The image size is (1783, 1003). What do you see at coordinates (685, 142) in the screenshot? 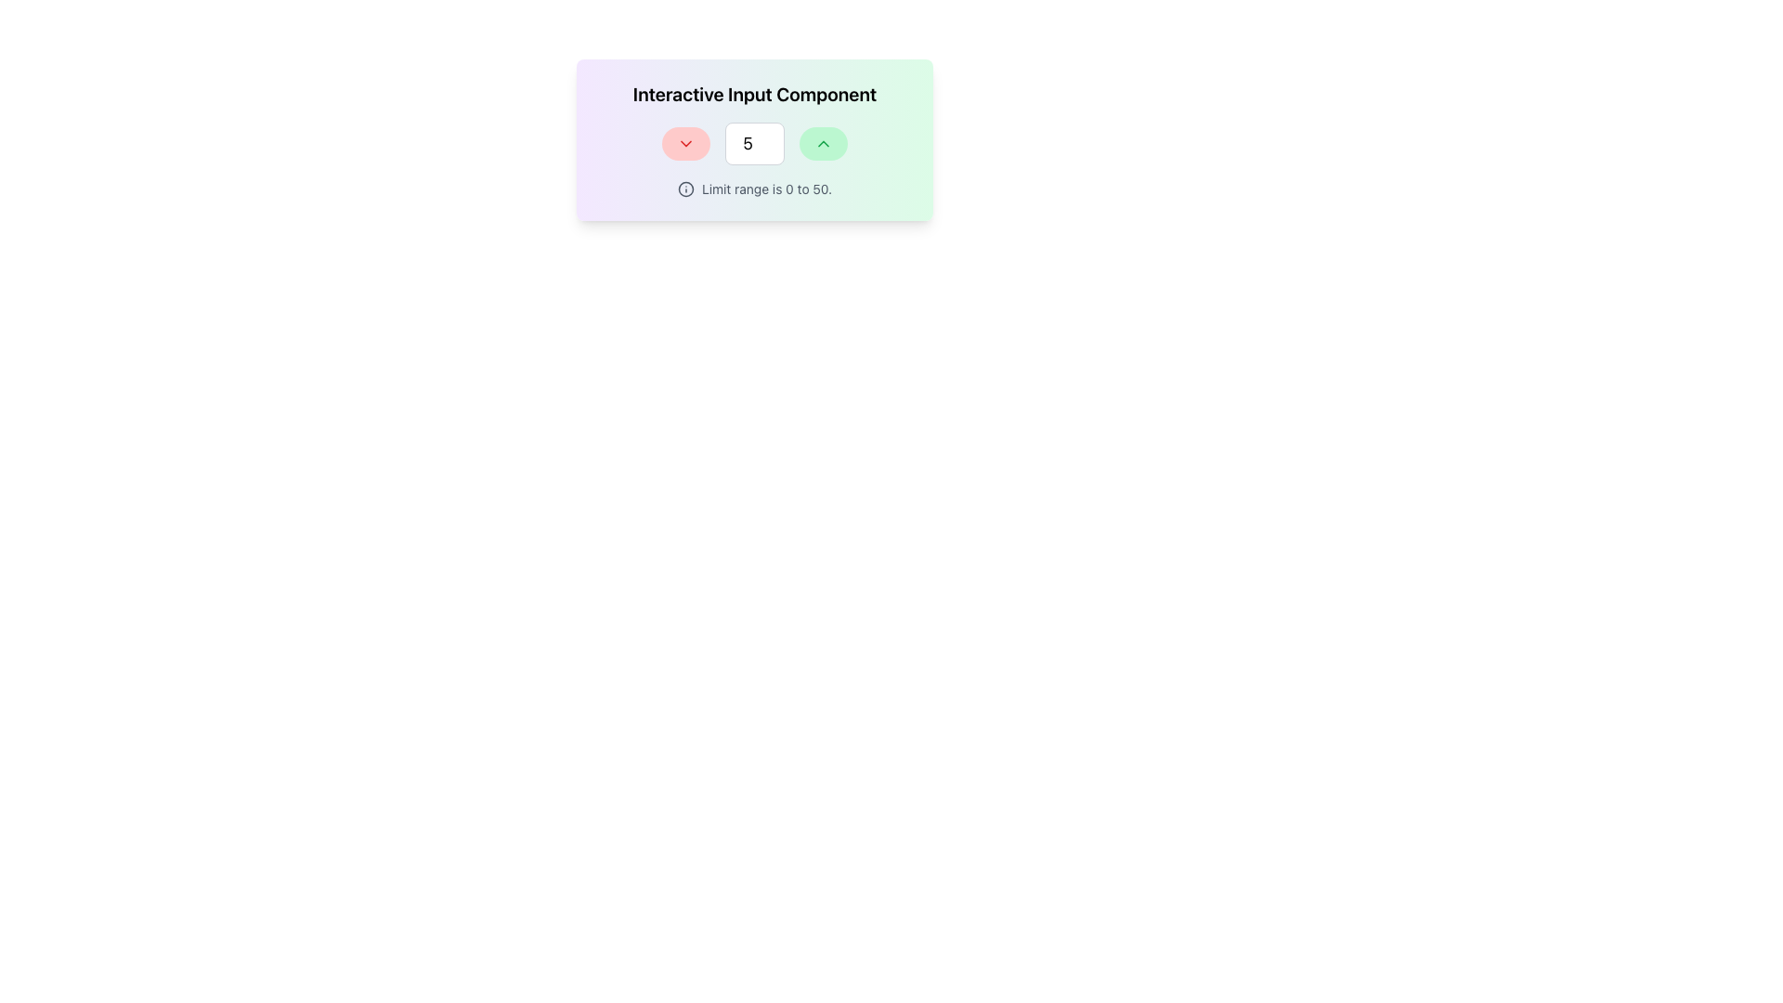
I see `the decrement button located on the leftmost side of the horizontal layout, which precedes the input field displaying the number '5'` at bounding box center [685, 142].